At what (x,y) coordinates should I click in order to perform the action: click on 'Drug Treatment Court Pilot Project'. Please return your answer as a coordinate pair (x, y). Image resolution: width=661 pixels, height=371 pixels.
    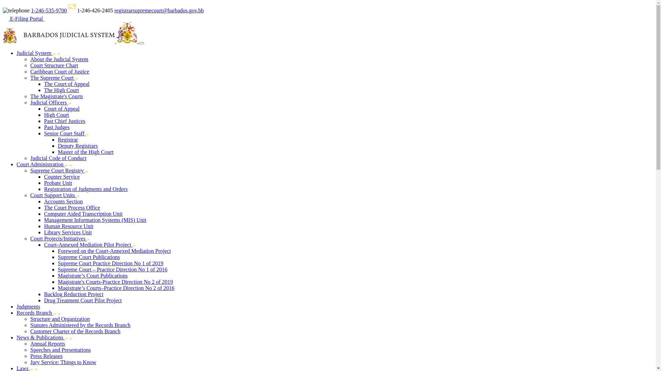
    Looking at the image, I should click on (83, 300).